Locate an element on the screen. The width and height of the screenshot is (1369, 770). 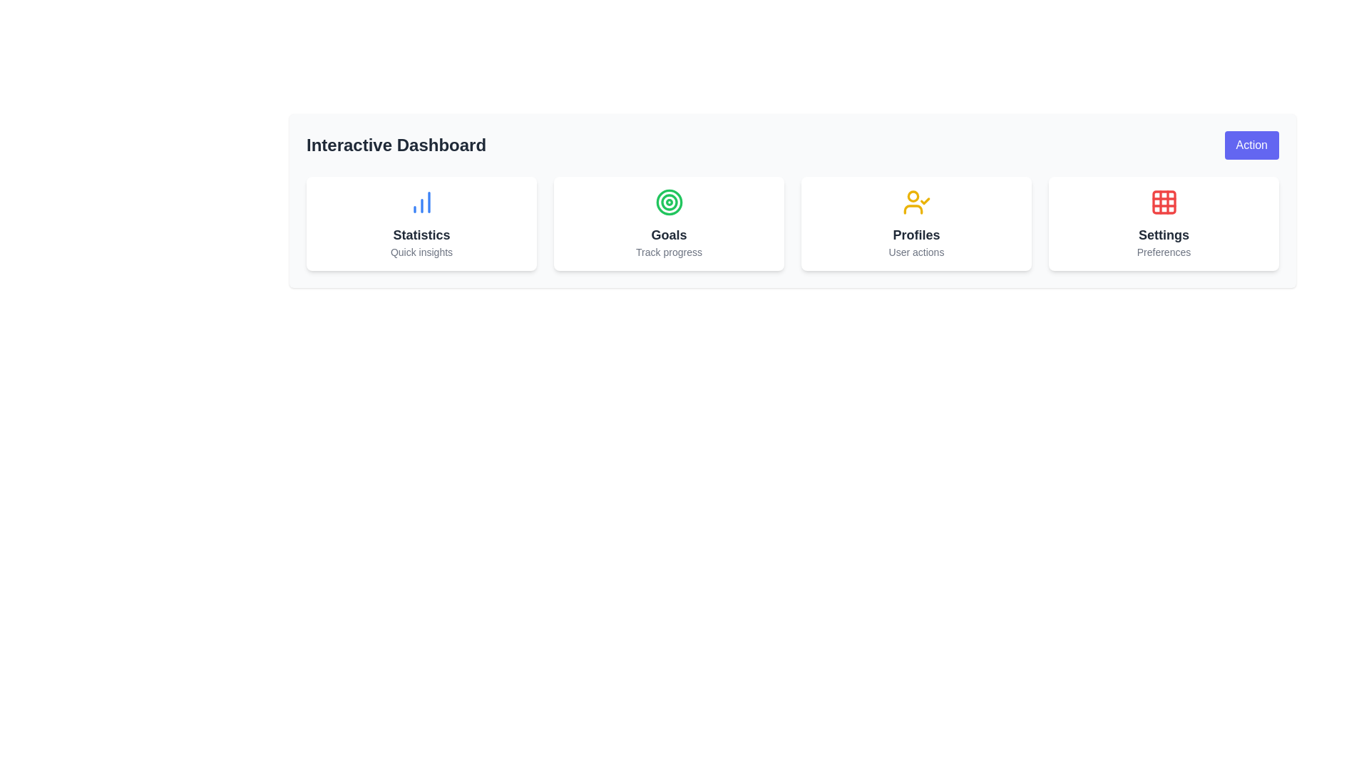
the decorative icon located at the top center of the 'Statistics' card, which serves to visually represent the card's purpose is located at coordinates (421, 202).